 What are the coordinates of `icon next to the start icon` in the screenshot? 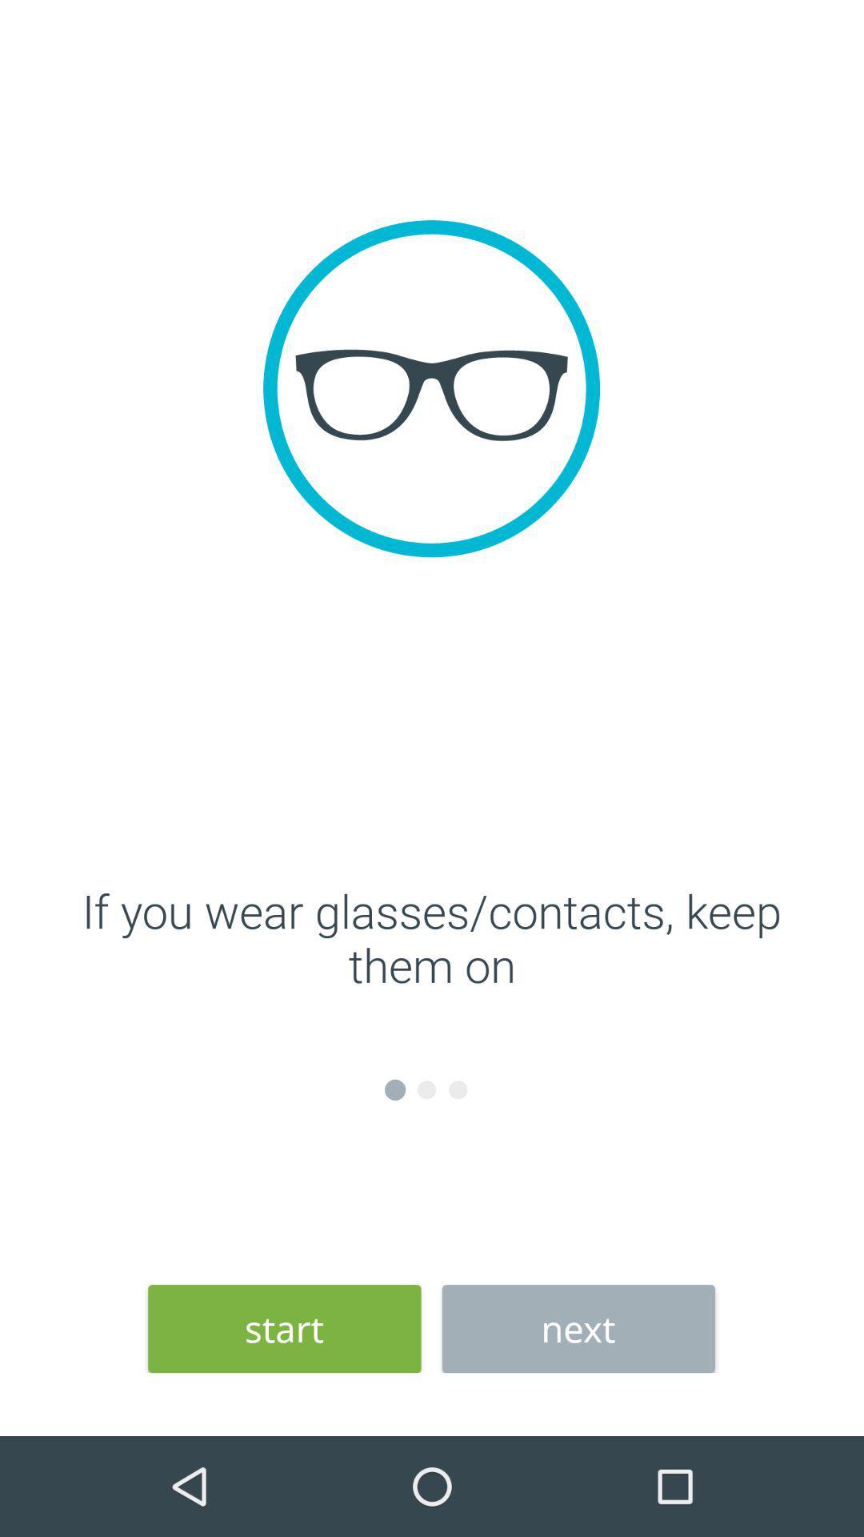 It's located at (578, 1329).